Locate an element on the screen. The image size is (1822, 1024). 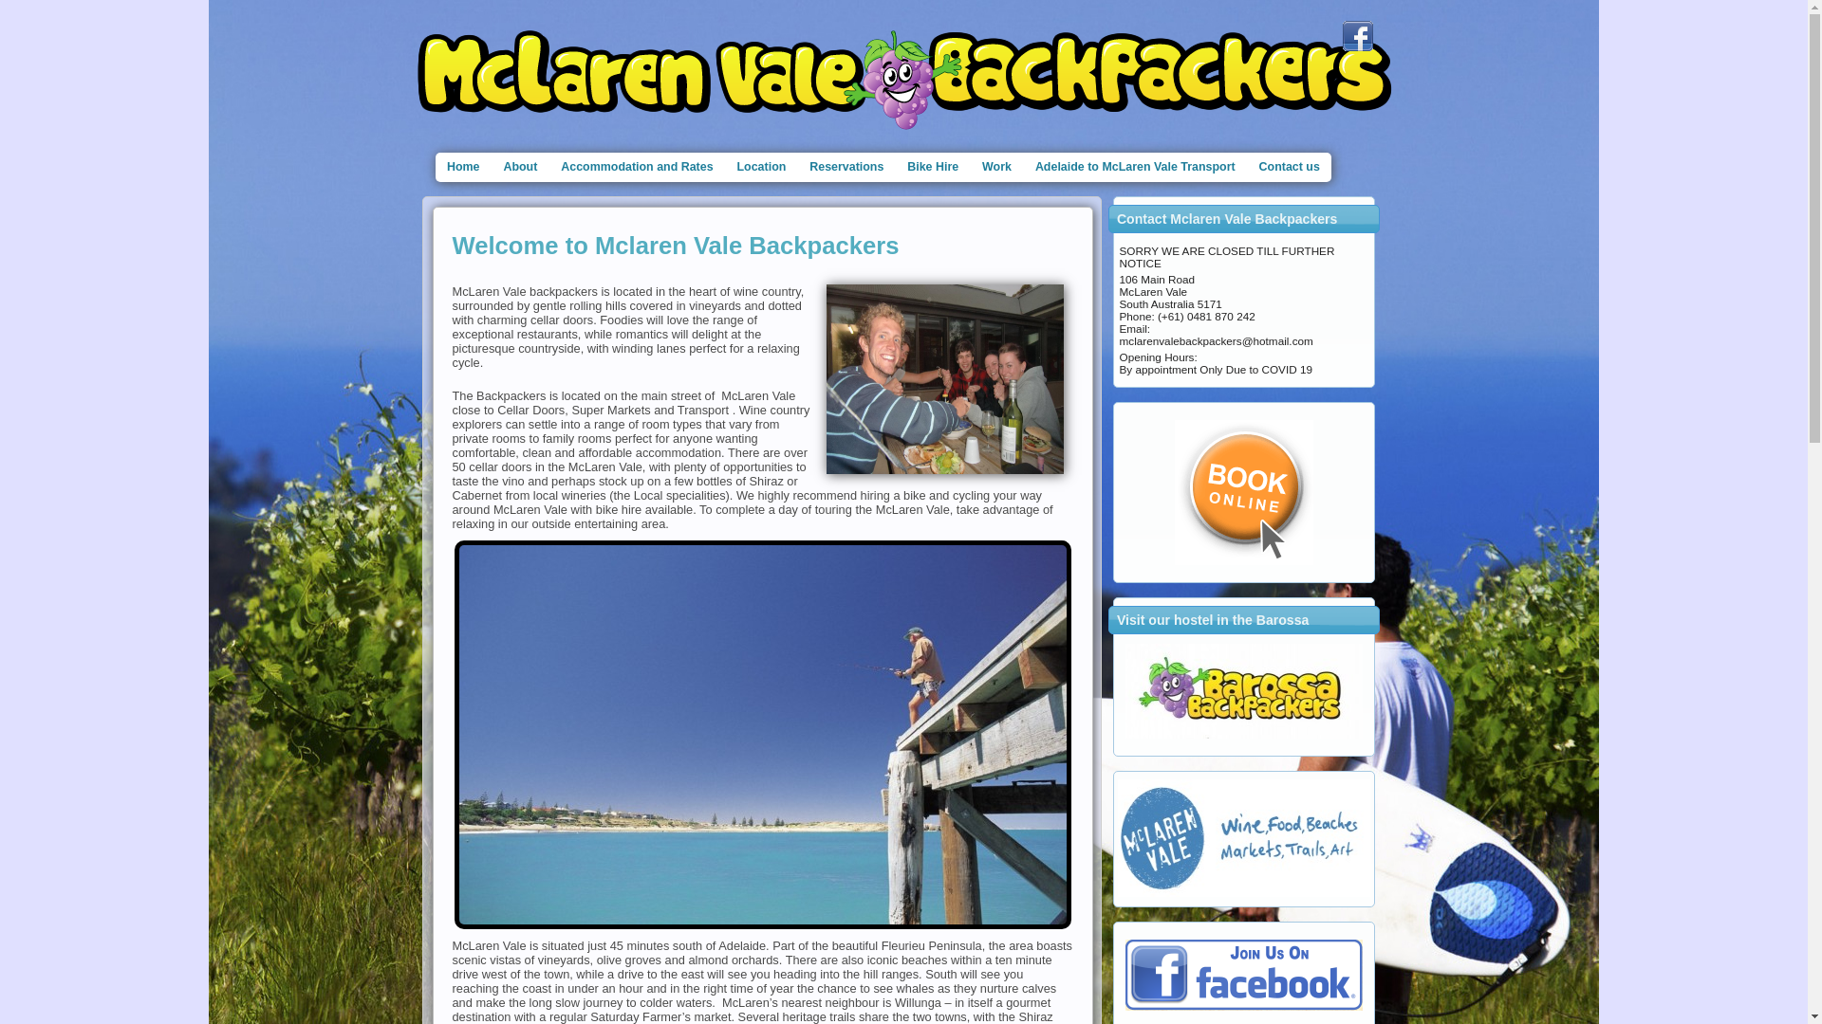
'Location' is located at coordinates (761, 166).